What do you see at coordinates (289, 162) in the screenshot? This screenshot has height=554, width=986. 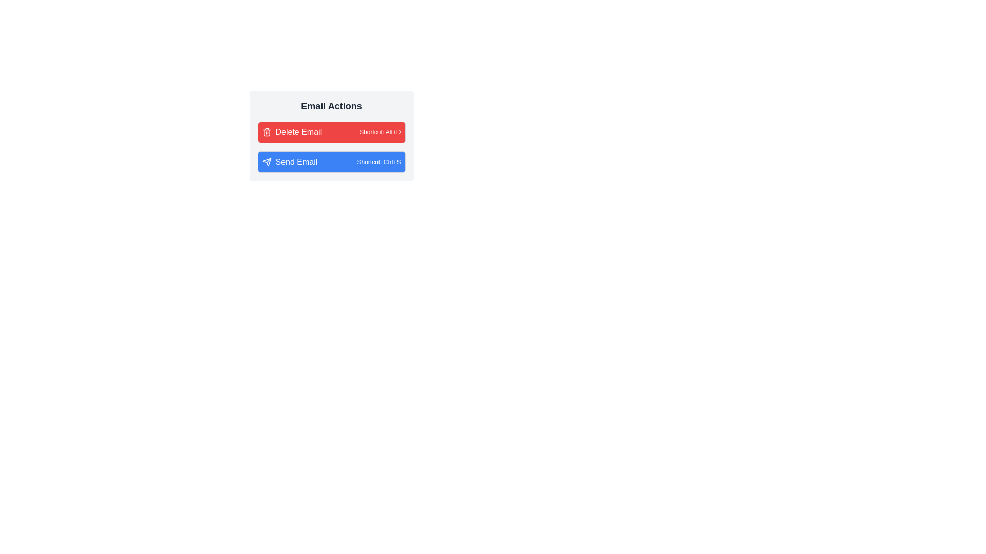 I see `the 'Send Email' button, which features white text and a paper plane icon on a blue background, located below the 'Delete Email' button in the 'Email Actions' section` at bounding box center [289, 162].